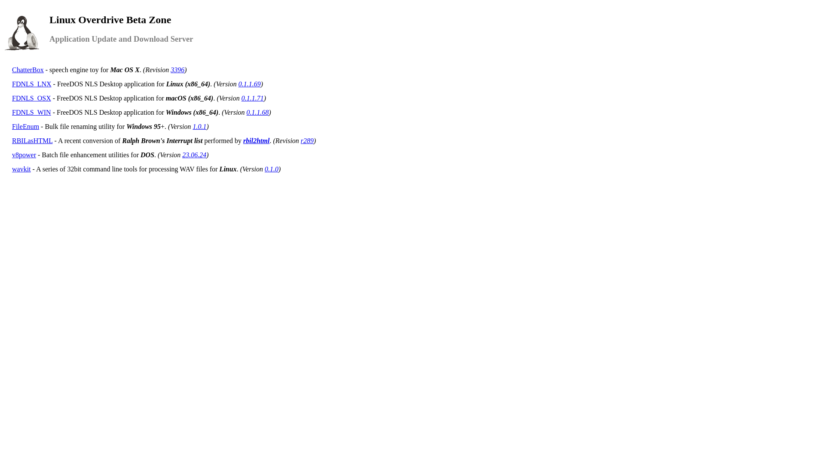 The width and height of the screenshot is (825, 464). What do you see at coordinates (271, 169) in the screenshot?
I see `'0.1.0'` at bounding box center [271, 169].